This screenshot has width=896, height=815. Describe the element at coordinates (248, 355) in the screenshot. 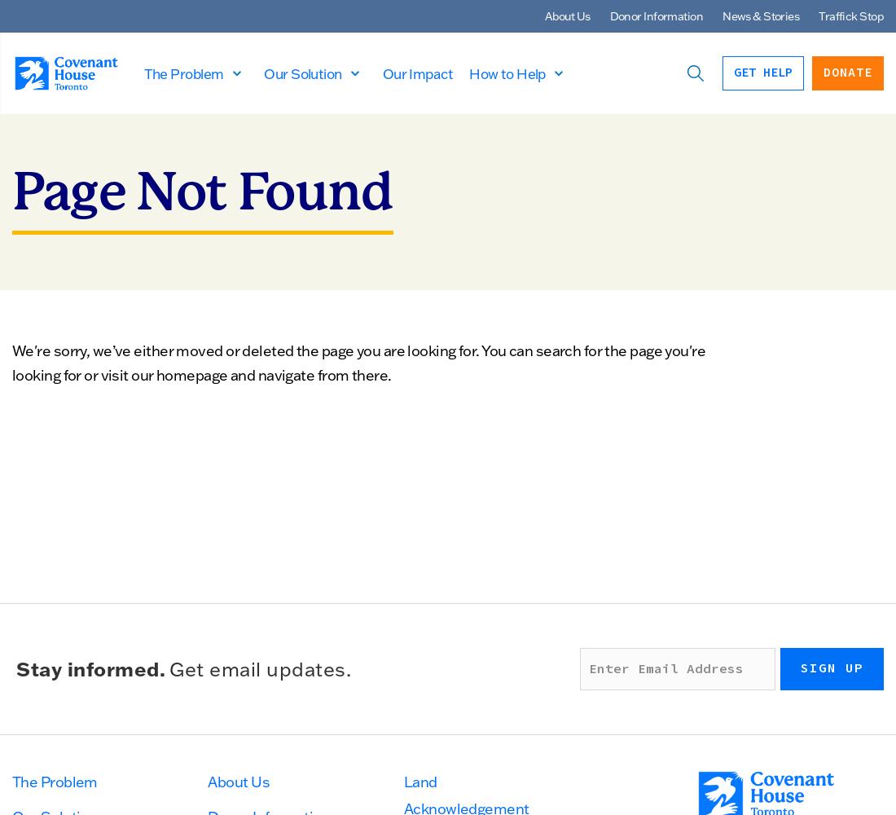

I see `'Donate Items'` at that location.